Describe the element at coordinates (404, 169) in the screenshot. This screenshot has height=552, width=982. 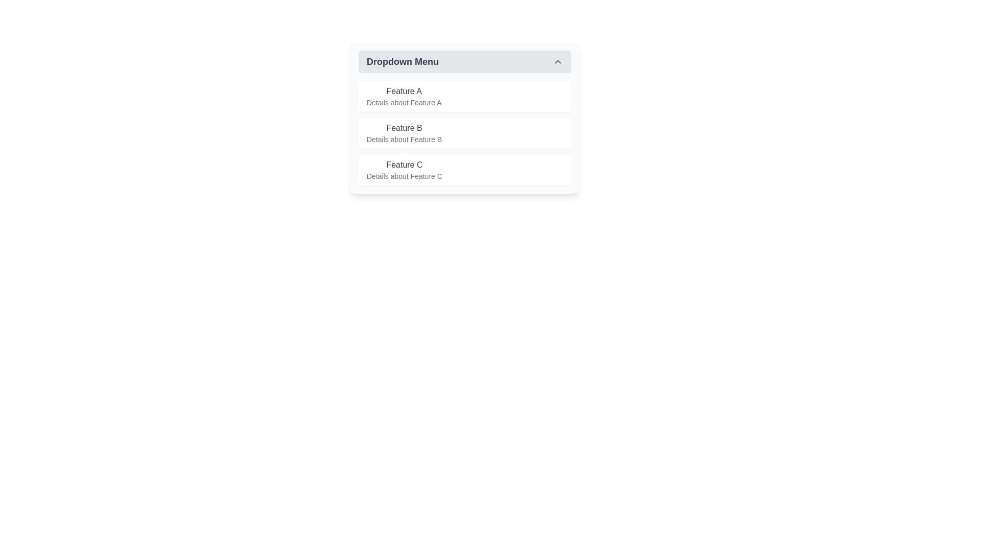
I see `the third button in the dropdown menu labeled 'Dropdown Menu'` at that location.